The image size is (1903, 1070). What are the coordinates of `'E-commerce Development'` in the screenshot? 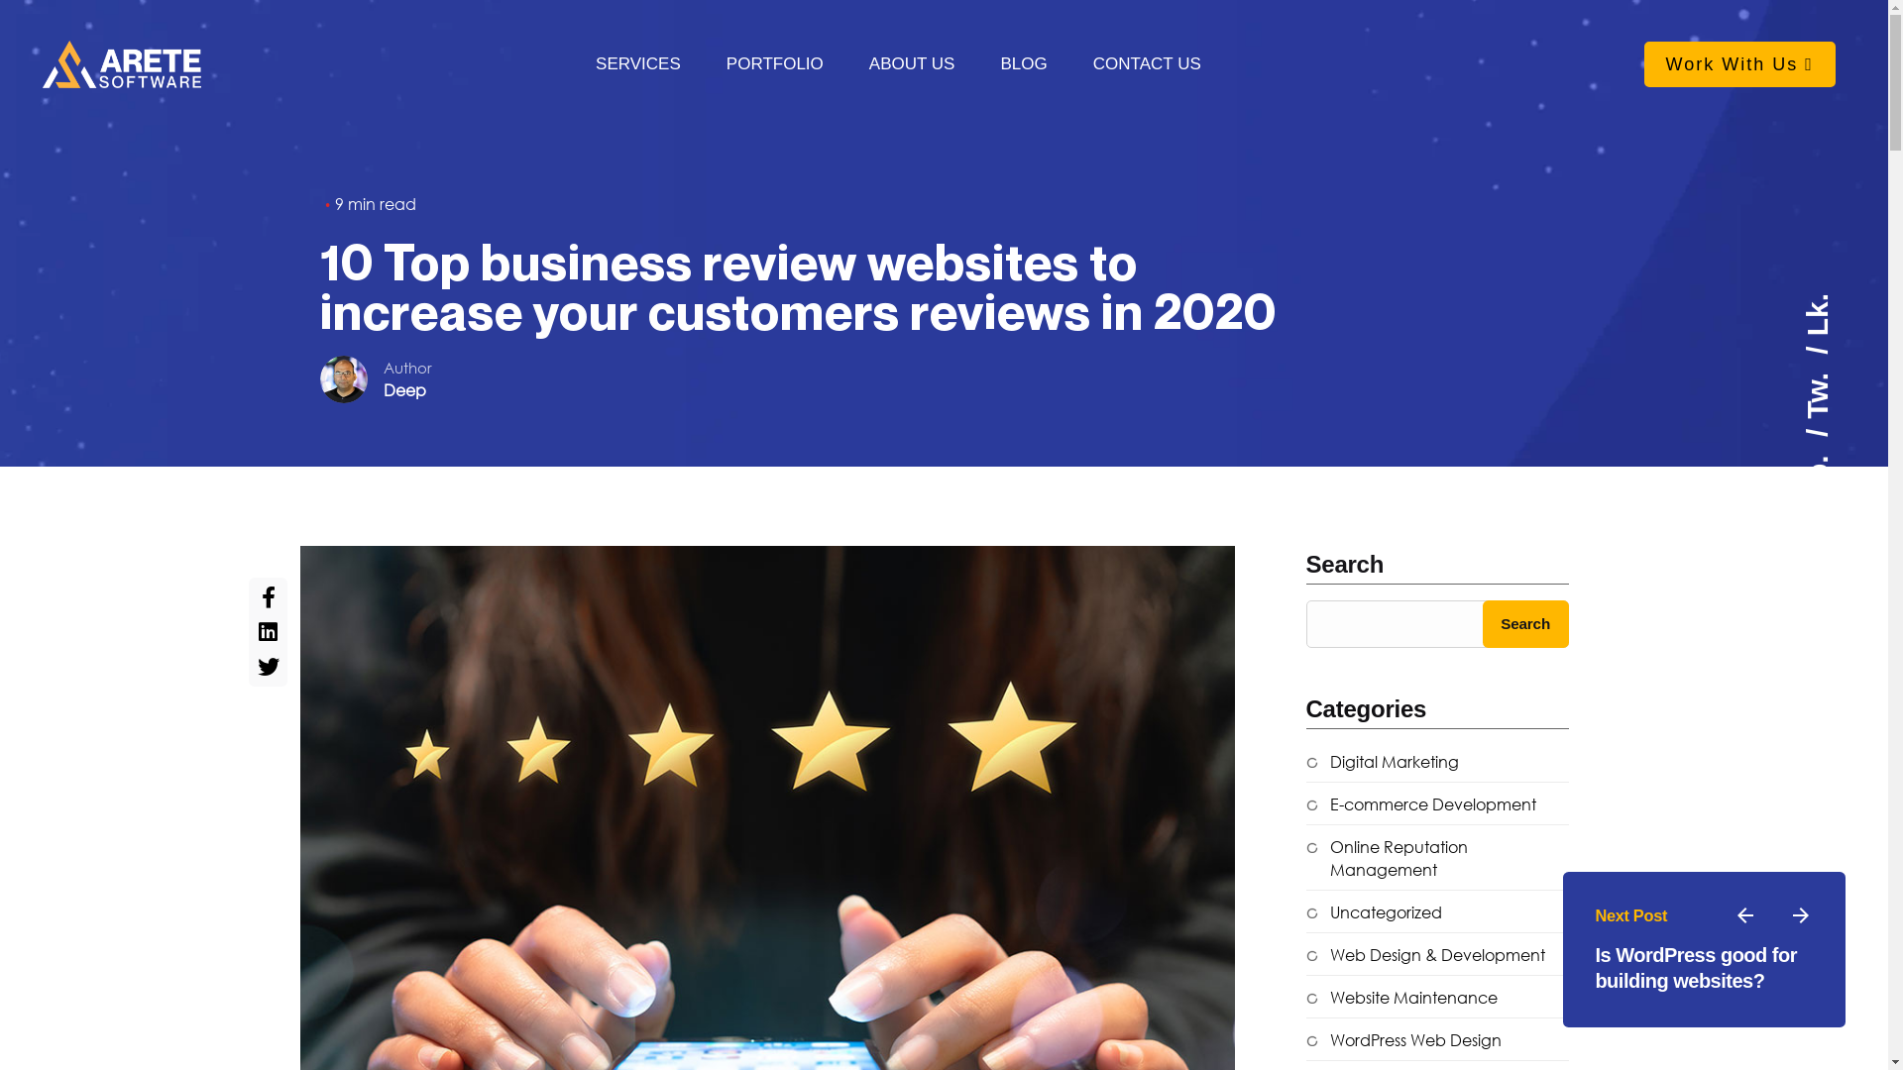 It's located at (1420, 804).